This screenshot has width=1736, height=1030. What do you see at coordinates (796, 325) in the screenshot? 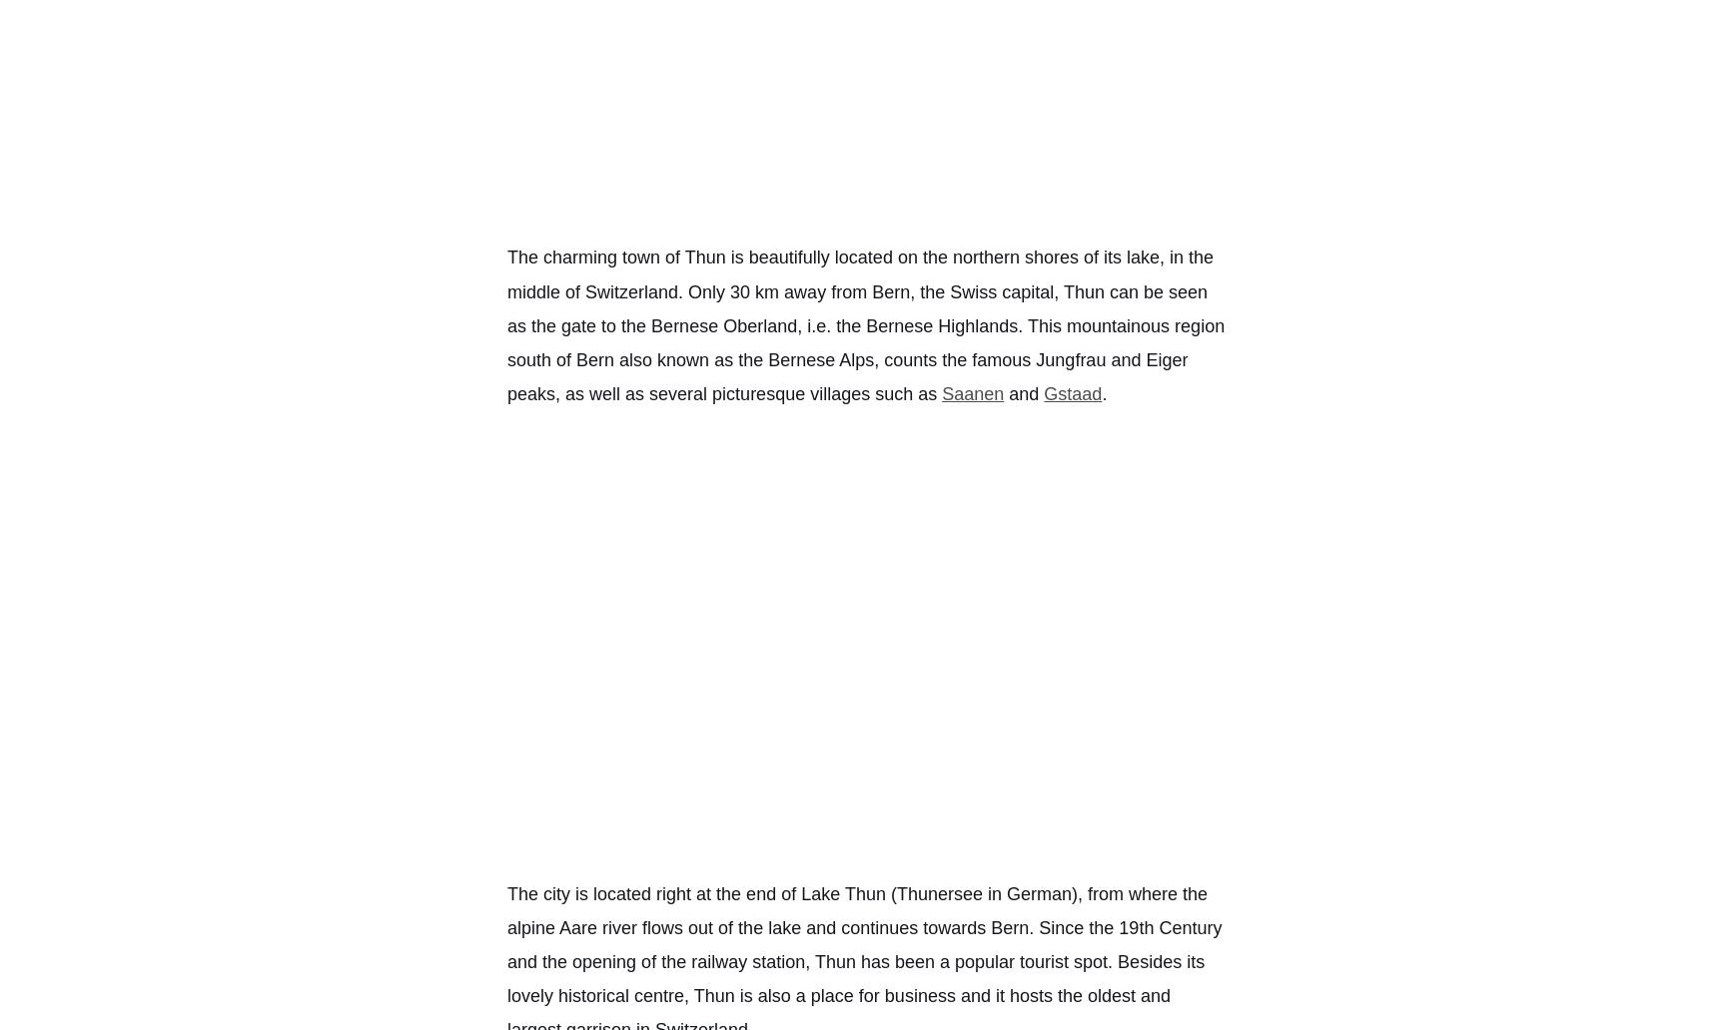
I see `', i.e. the'` at bounding box center [796, 325].